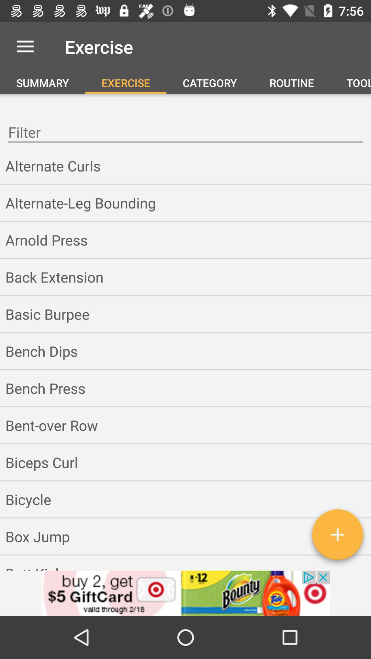 This screenshot has width=371, height=659. What do you see at coordinates (337, 537) in the screenshot?
I see `plus an exercise` at bounding box center [337, 537].